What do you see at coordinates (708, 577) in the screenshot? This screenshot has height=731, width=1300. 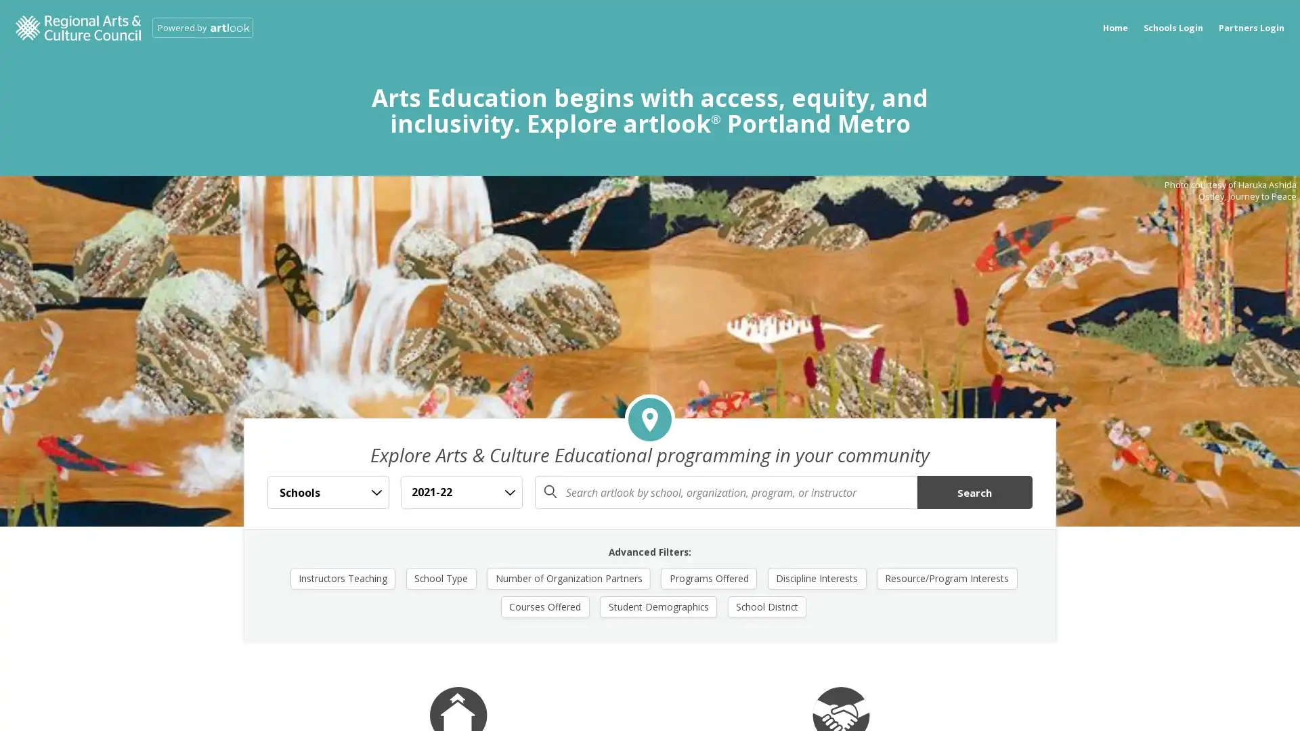 I see `Programs Offered` at bounding box center [708, 577].